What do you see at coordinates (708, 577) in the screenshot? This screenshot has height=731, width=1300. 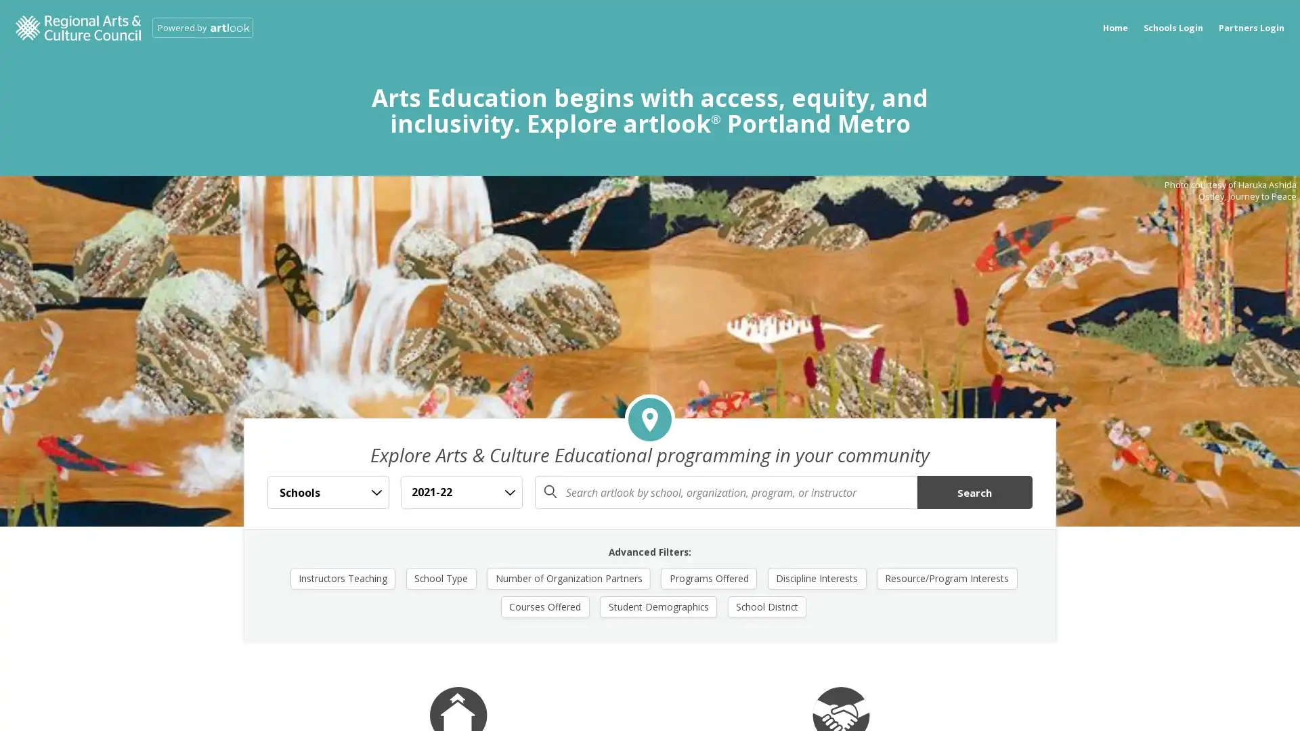 I see `Programs Offered` at bounding box center [708, 577].